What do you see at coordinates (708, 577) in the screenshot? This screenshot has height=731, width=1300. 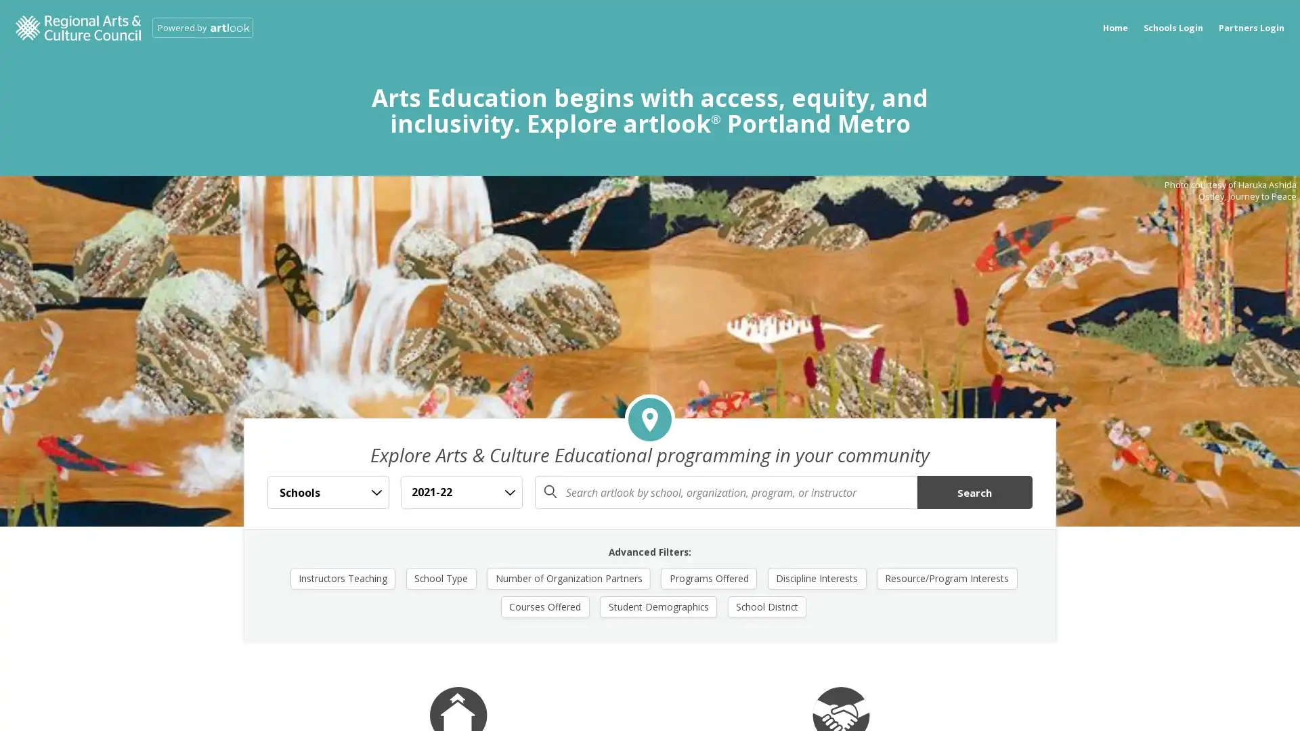 I see `Programs Offered` at bounding box center [708, 577].